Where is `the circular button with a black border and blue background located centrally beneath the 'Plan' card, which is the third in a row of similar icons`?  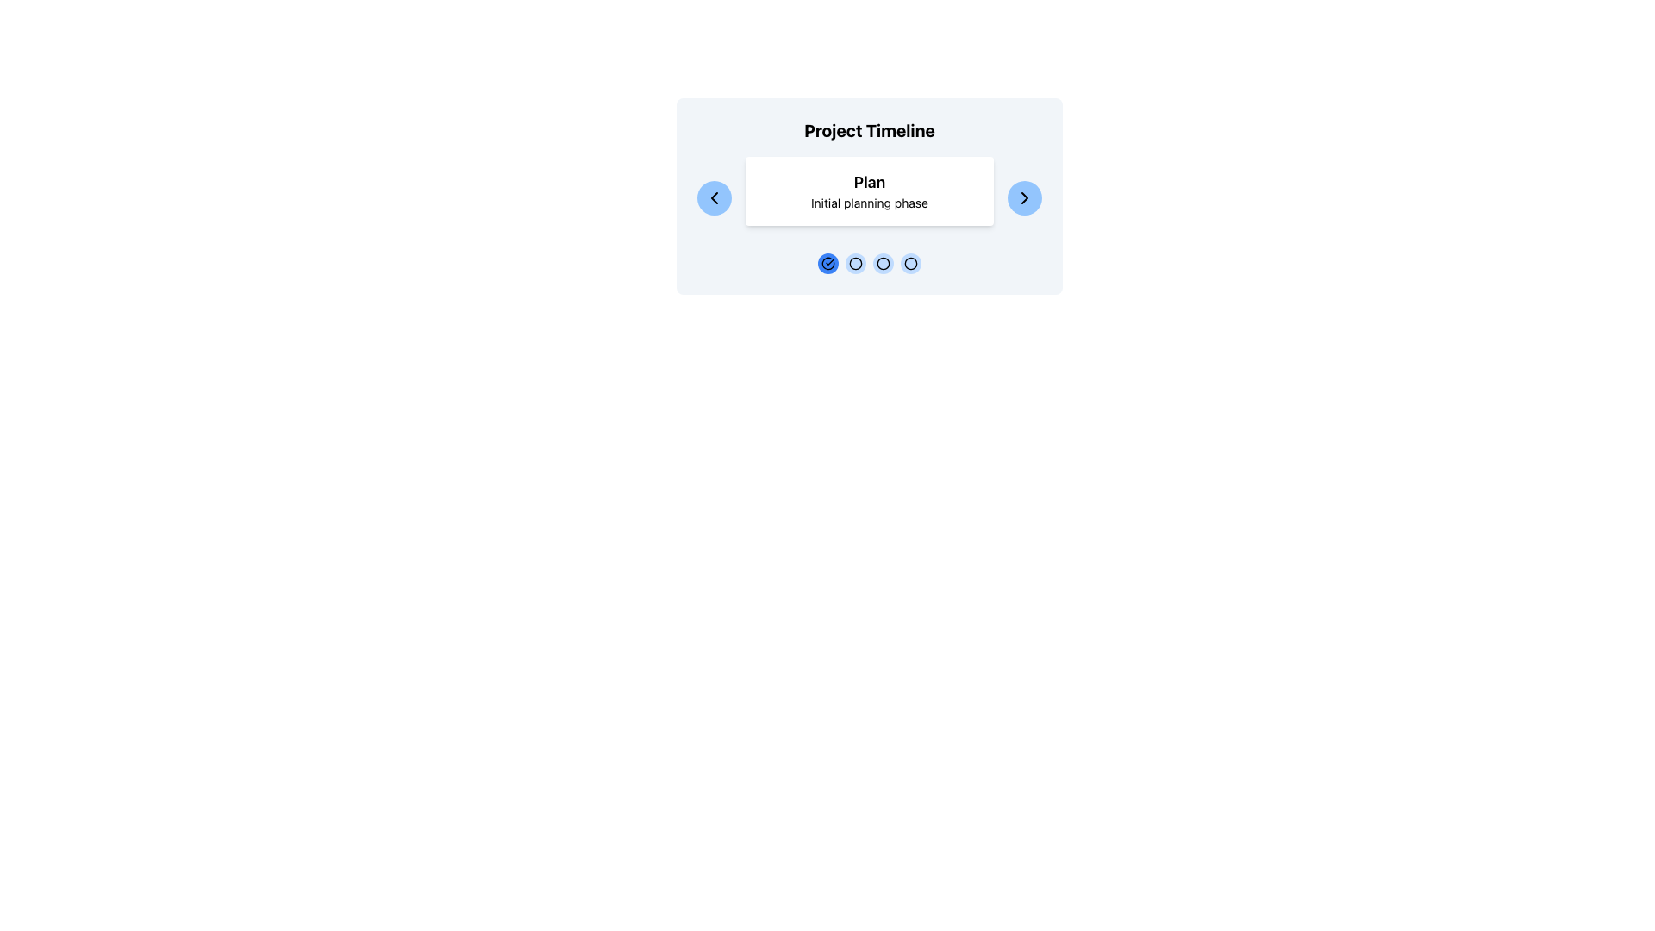 the circular button with a black border and blue background located centrally beneath the 'Plan' card, which is the third in a row of similar icons is located at coordinates (884, 263).